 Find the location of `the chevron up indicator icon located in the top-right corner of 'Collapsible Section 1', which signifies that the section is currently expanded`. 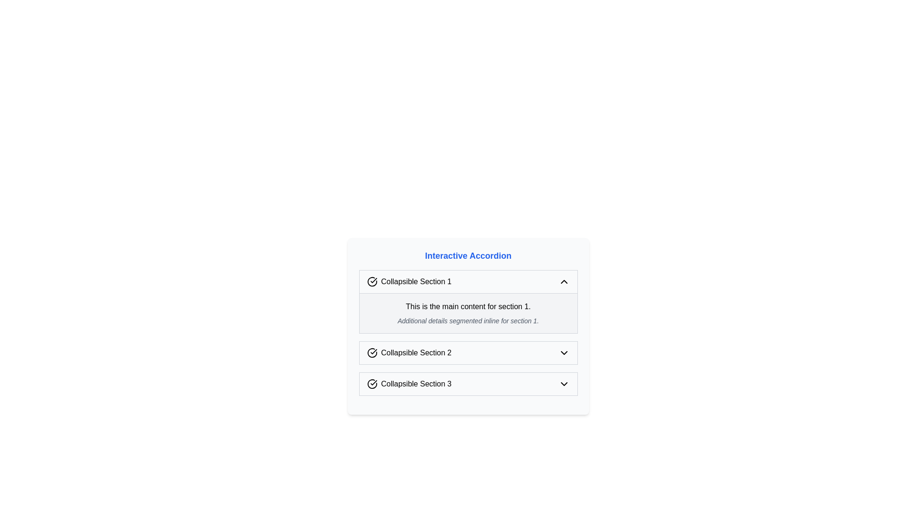

the chevron up indicator icon located in the top-right corner of 'Collapsible Section 1', which signifies that the section is currently expanded is located at coordinates (564, 281).